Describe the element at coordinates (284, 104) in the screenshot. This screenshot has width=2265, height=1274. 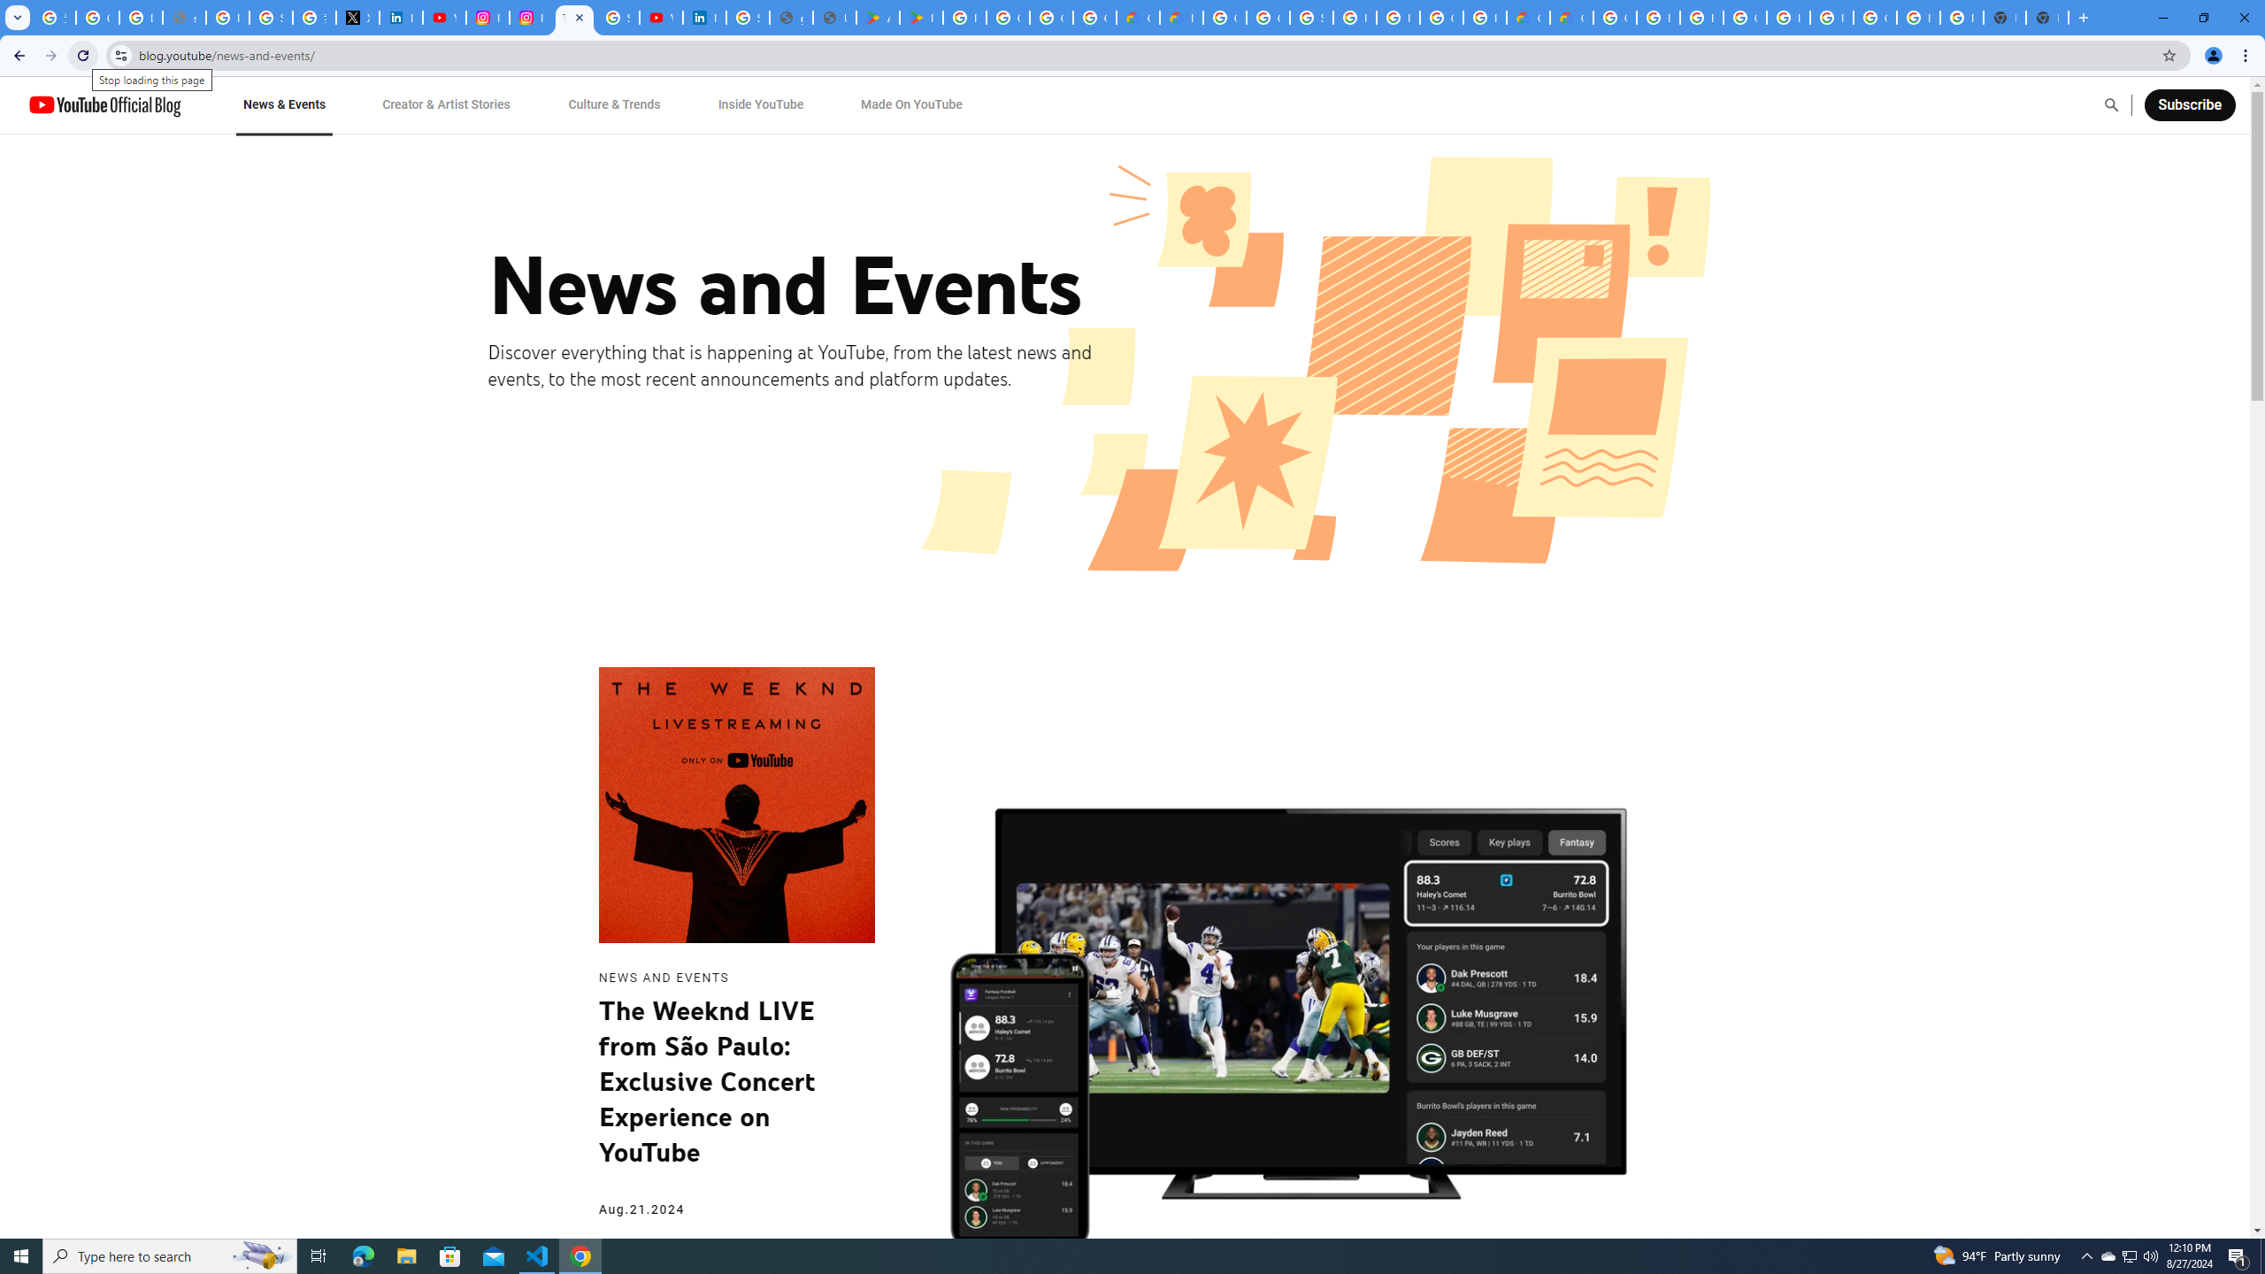
I see `'News & Events'` at that location.